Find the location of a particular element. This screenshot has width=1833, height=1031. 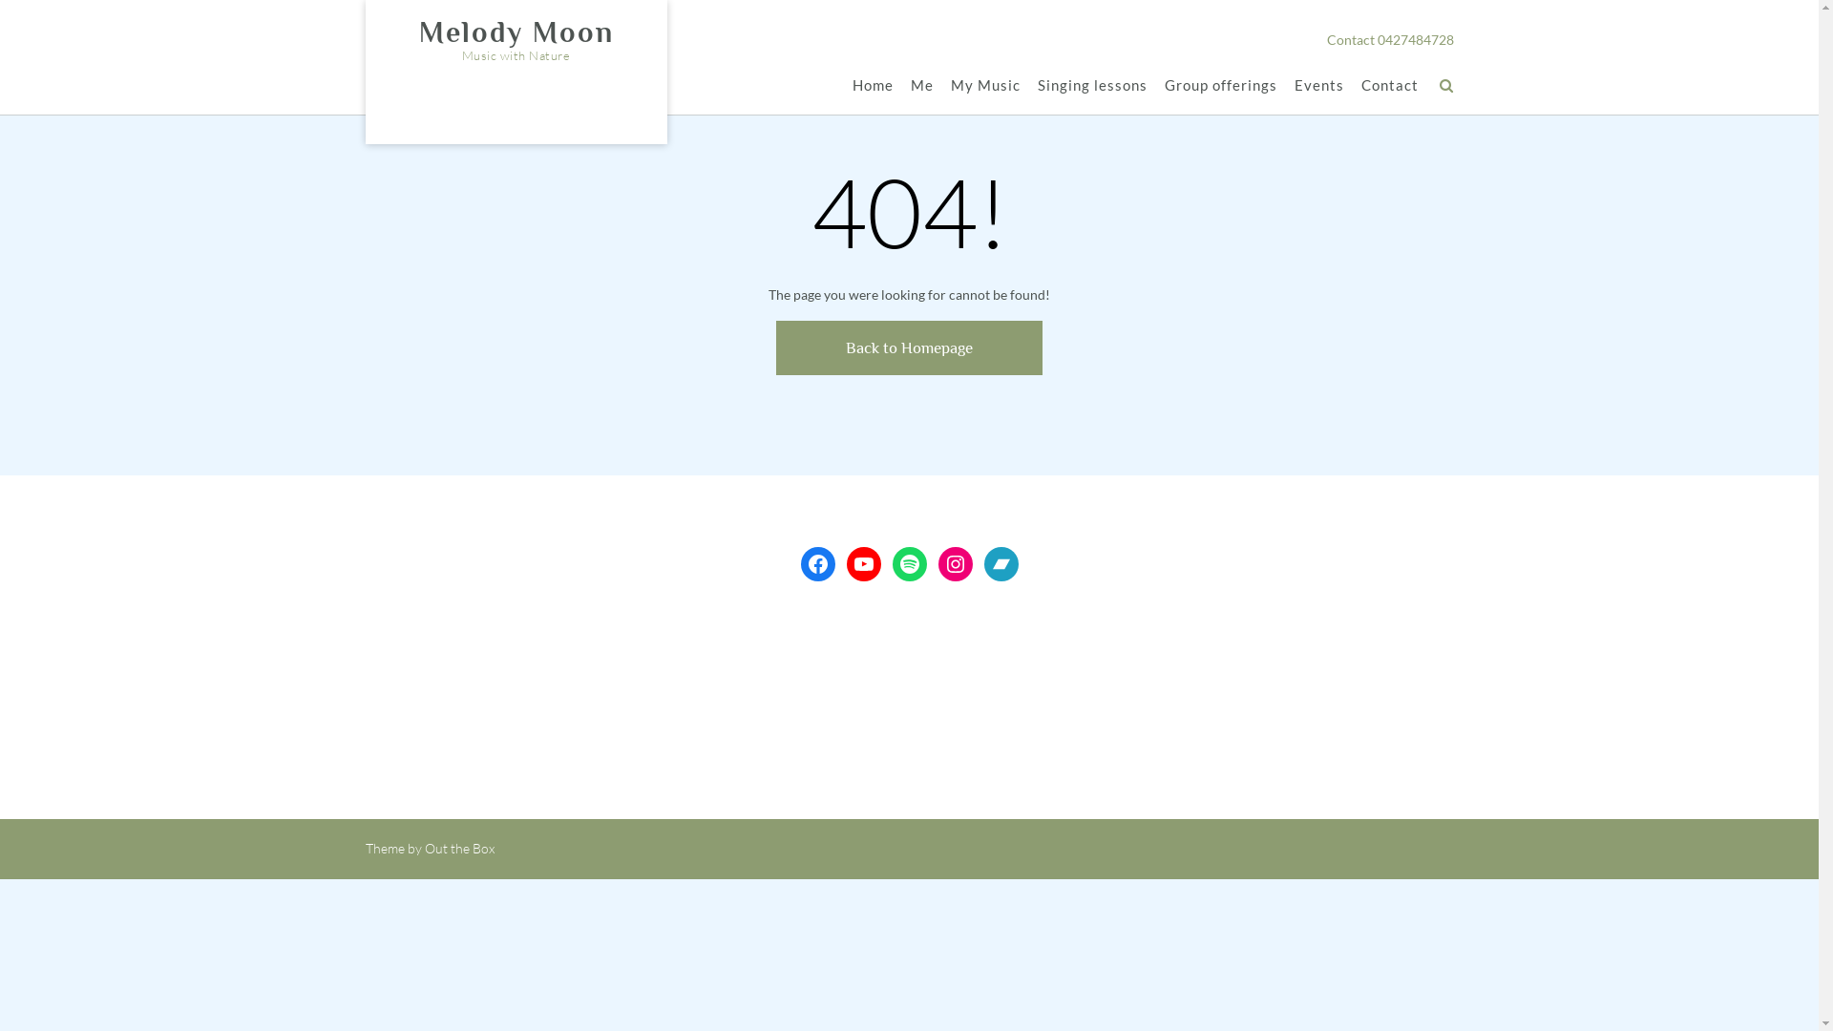

'Melody Moon' is located at coordinates (515, 32).